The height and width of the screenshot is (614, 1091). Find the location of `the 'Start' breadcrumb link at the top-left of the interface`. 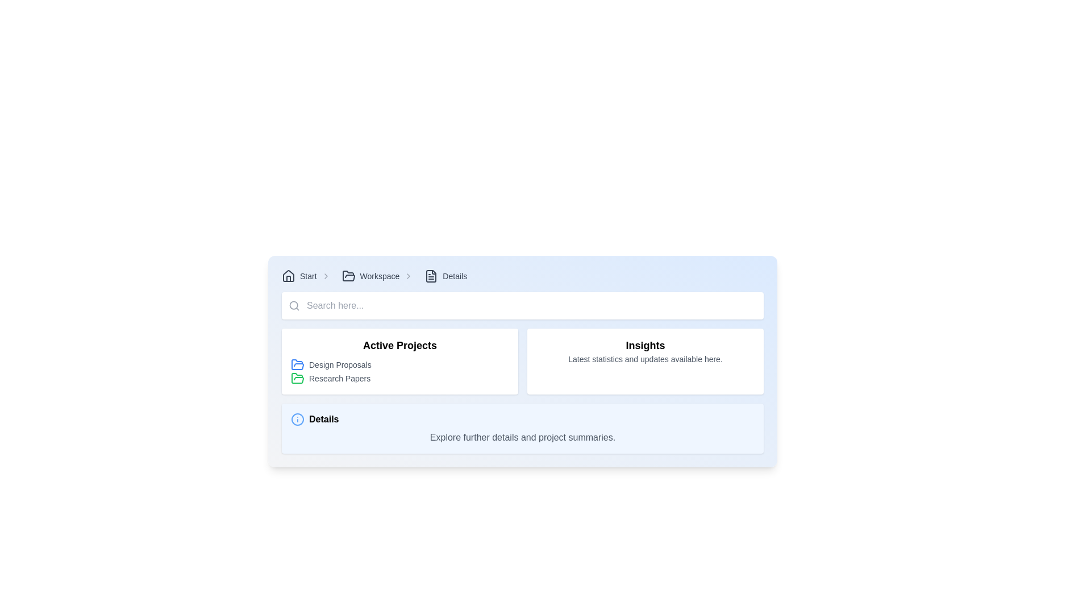

the 'Start' breadcrumb link at the top-left of the interface is located at coordinates (308, 276).